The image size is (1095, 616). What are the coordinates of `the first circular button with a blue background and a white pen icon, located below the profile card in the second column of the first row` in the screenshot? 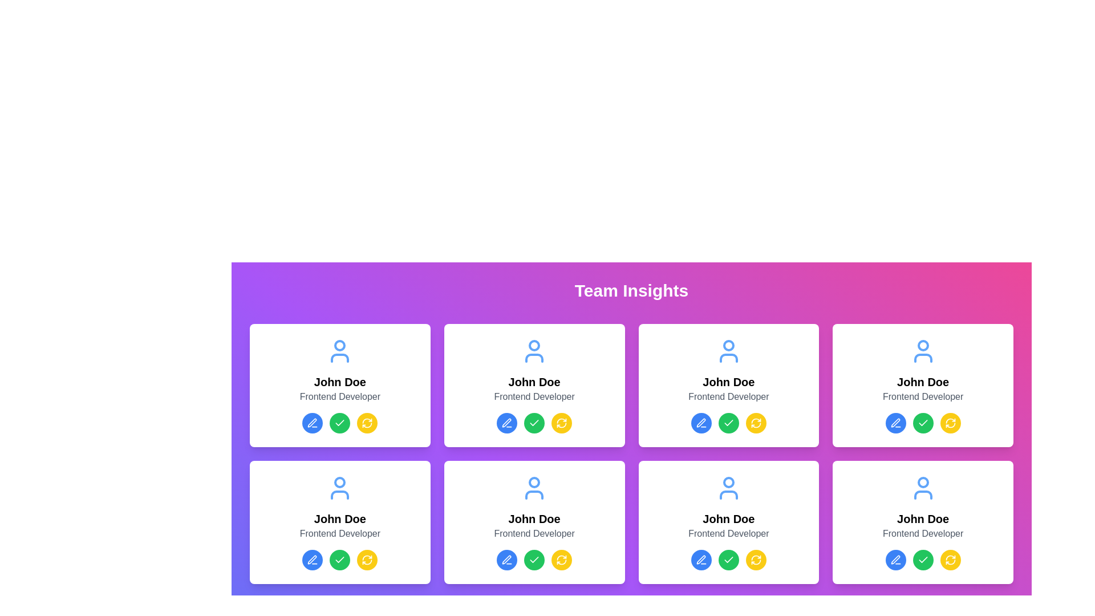 It's located at (700, 423).